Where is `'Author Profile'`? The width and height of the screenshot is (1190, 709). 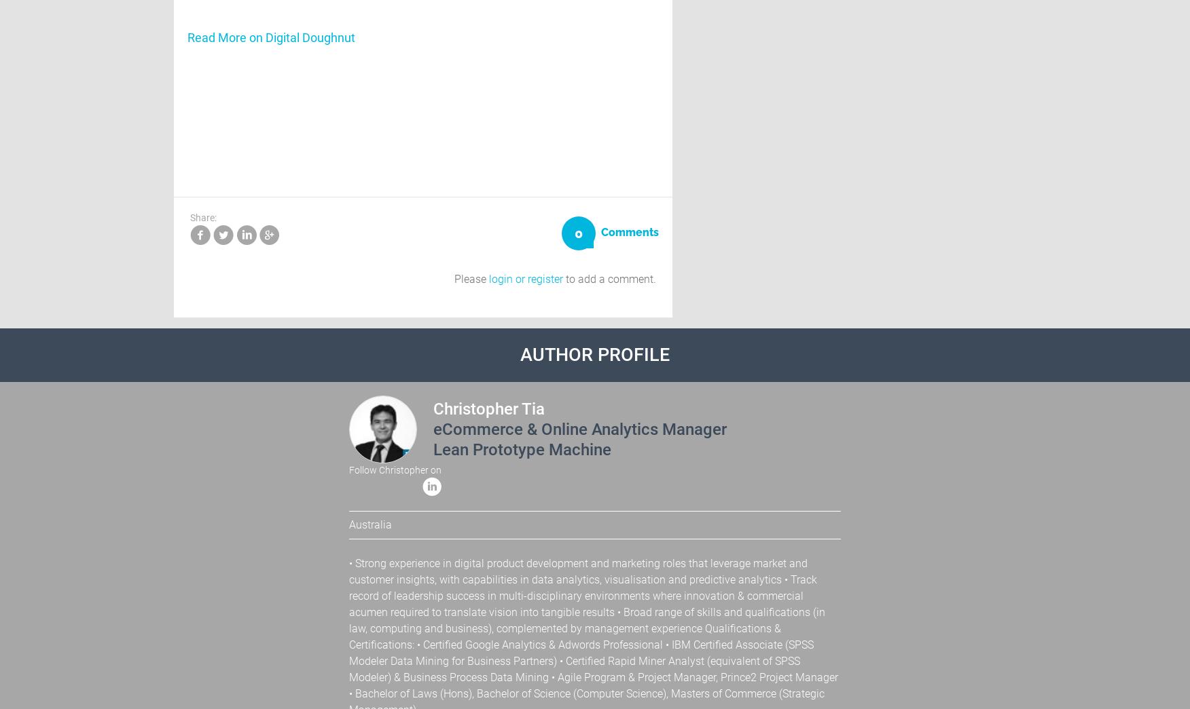
'Author Profile' is located at coordinates (595, 353).